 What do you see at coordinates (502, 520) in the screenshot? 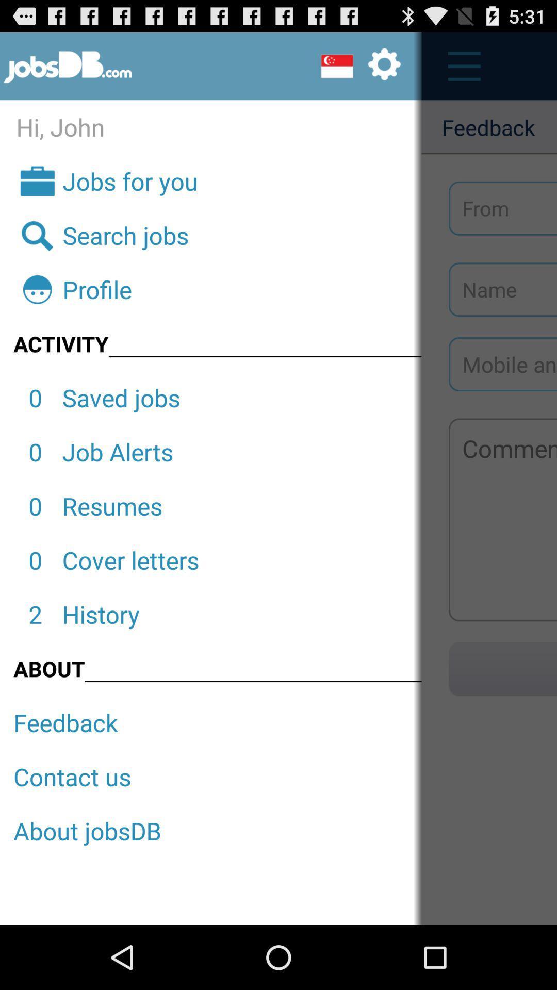
I see `share the opinion` at bounding box center [502, 520].